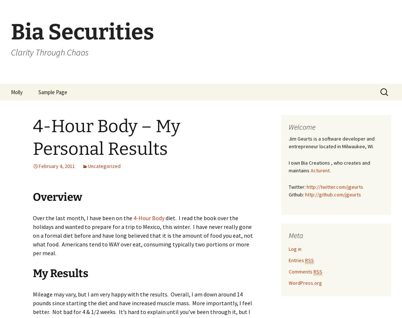 The width and height of the screenshot is (402, 318). Describe the element at coordinates (57, 196) in the screenshot. I see `'Overview'` at that location.